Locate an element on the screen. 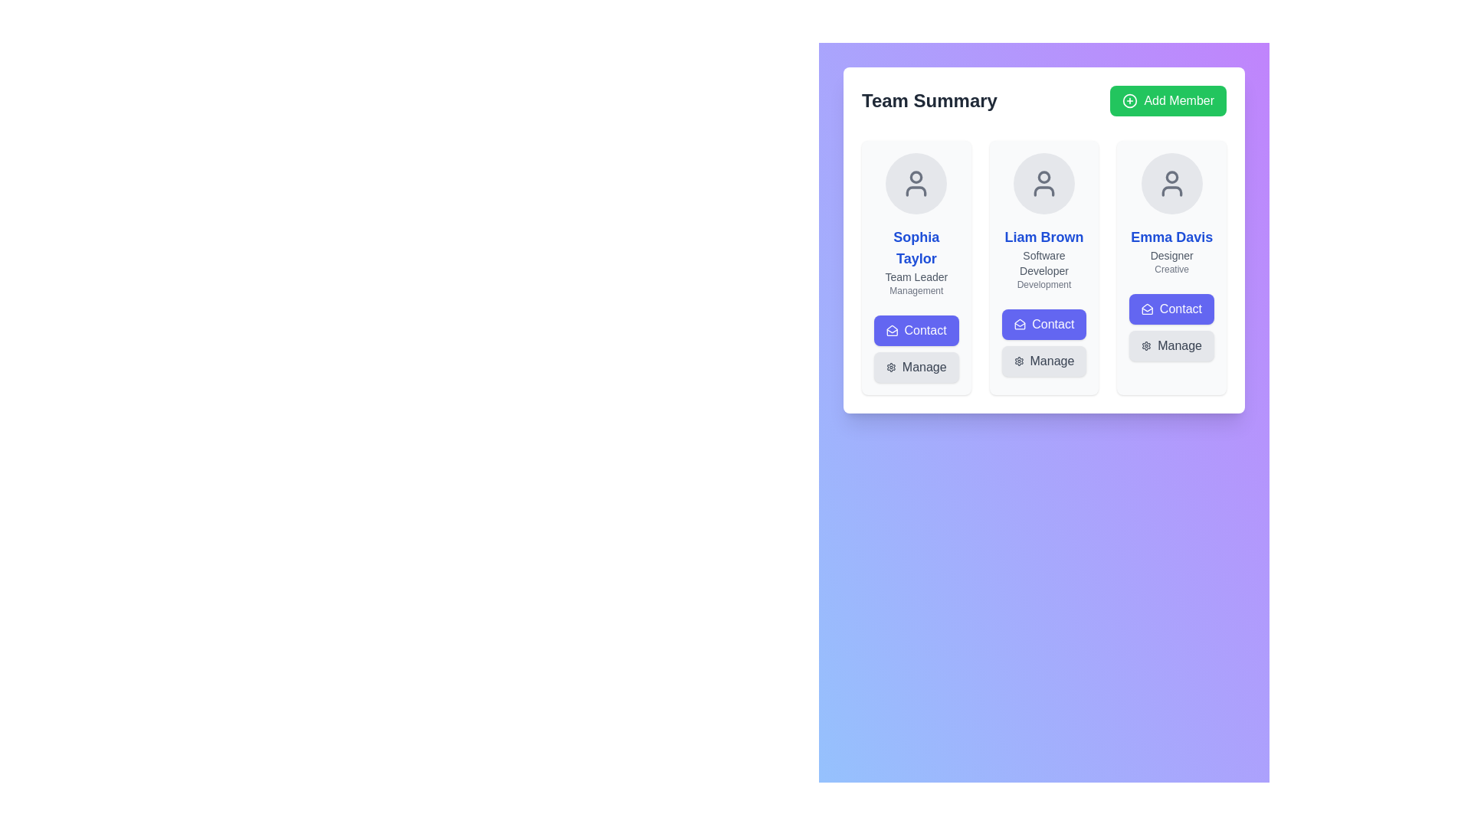 Image resolution: width=1471 pixels, height=827 pixels. the circular user profile icon with a grey background and user silhouette, located above the name 'Liam Brown' and the title 'Software Developer' is located at coordinates (1043, 182).